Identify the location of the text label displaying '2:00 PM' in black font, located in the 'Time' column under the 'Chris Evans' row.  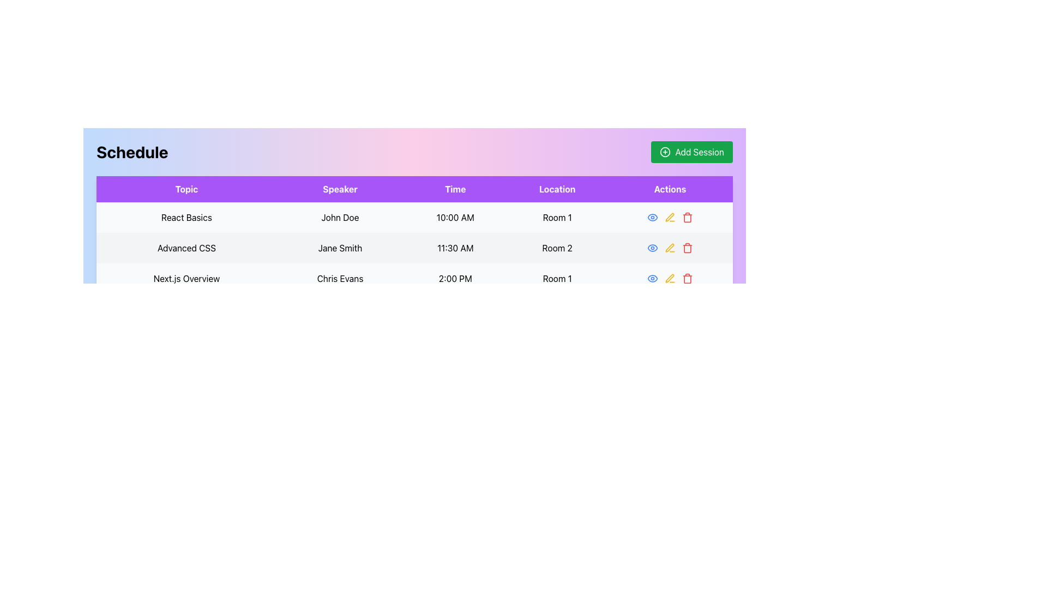
(455, 278).